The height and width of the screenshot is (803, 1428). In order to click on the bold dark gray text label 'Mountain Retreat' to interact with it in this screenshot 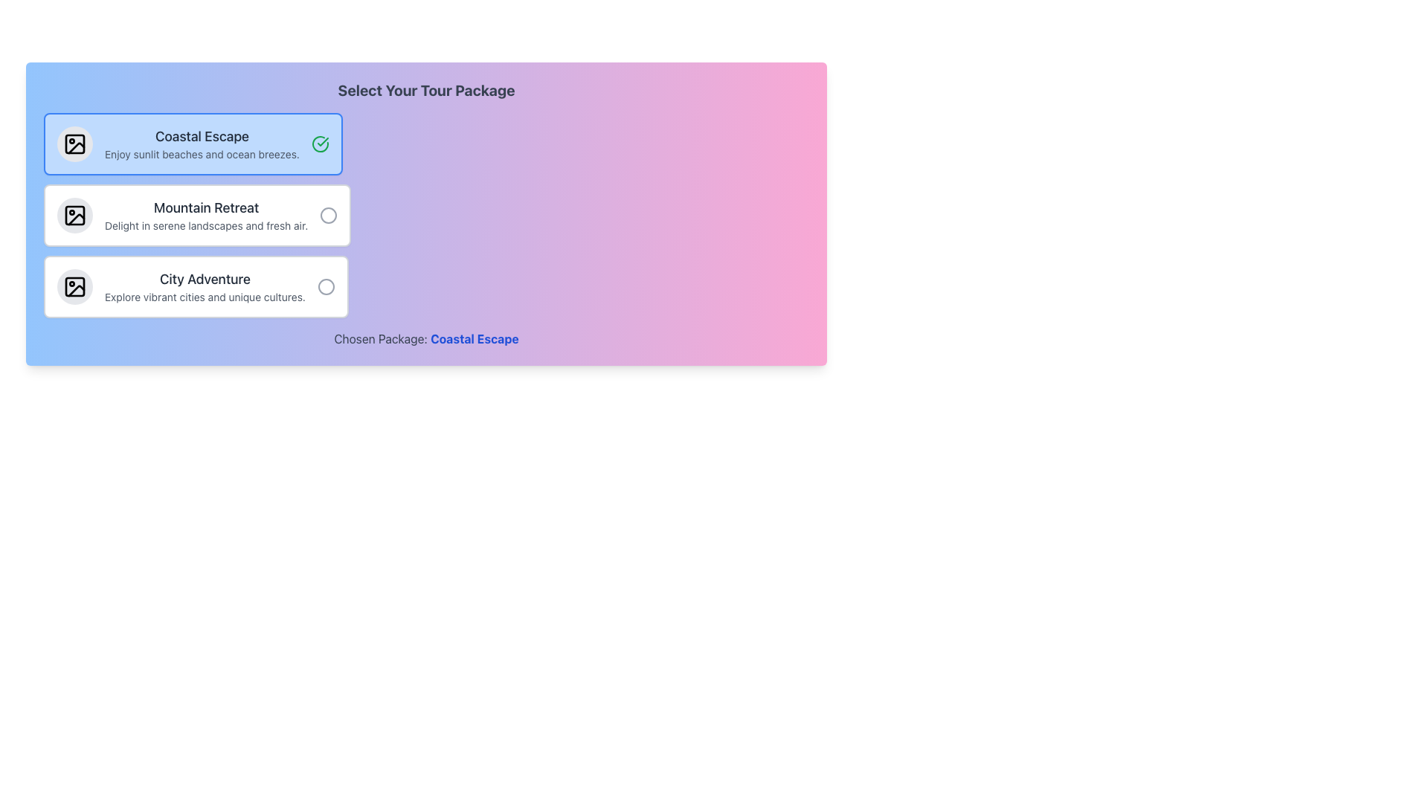, I will do `click(205, 208)`.